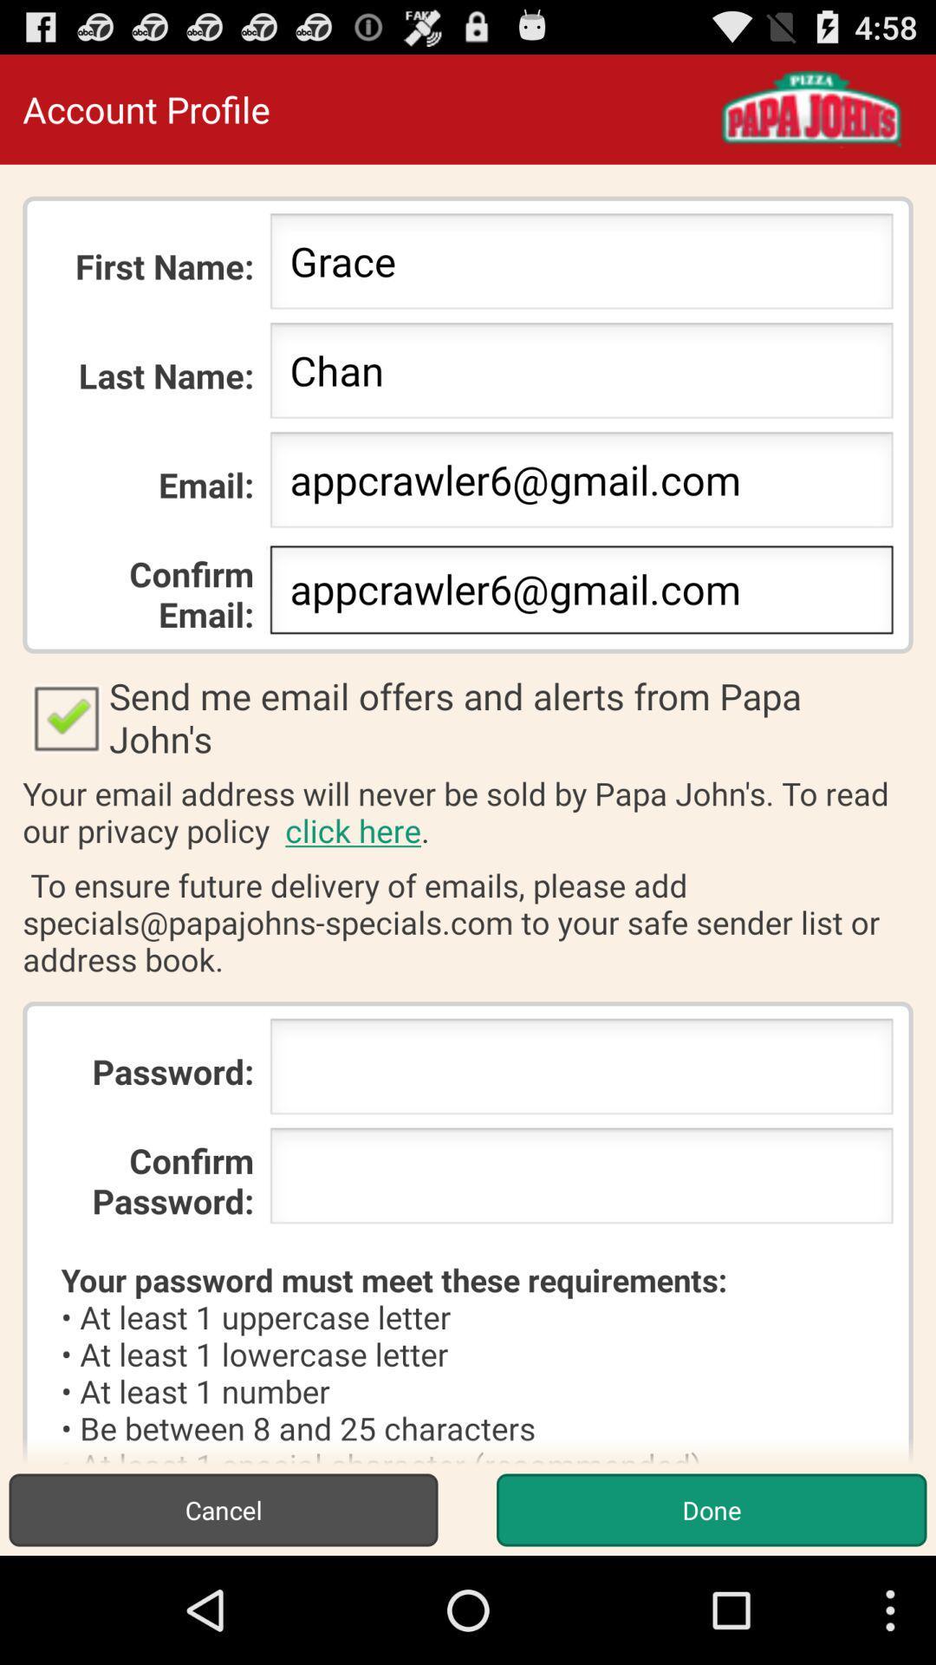  I want to click on icon below the grace item, so click(582, 375).